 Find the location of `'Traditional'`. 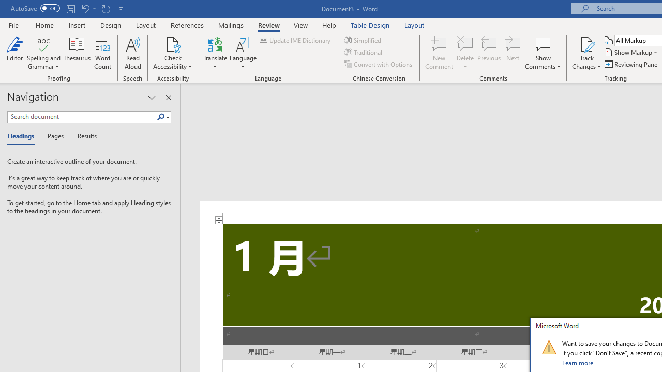

'Traditional' is located at coordinates (364, 52).